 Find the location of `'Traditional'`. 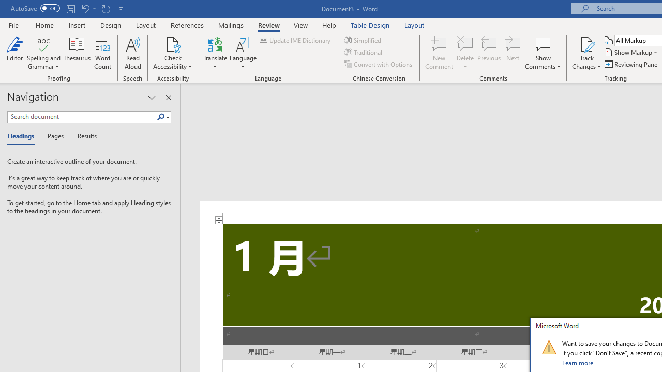

'Traditional' is located at coordinates (364, 52).